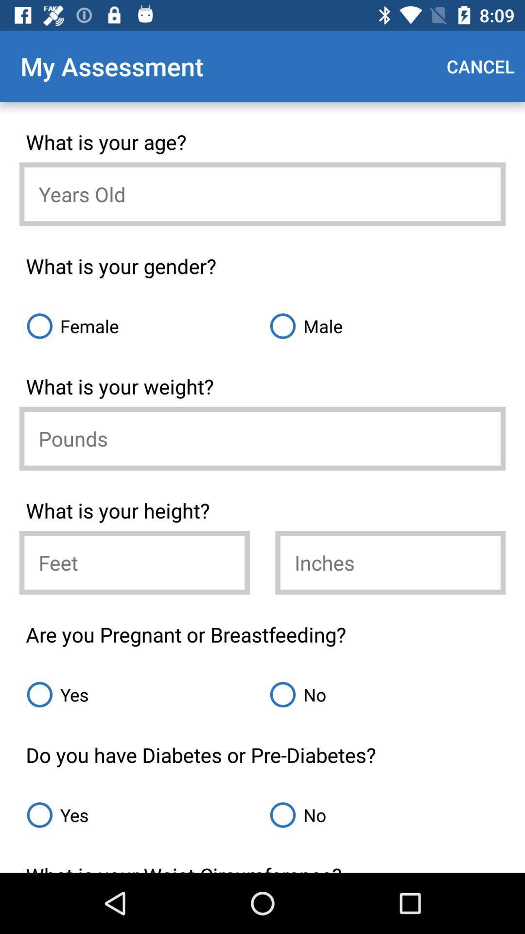 The height and width of the screenshot is (934, 525). I want to click on your age, so click(262, 194).